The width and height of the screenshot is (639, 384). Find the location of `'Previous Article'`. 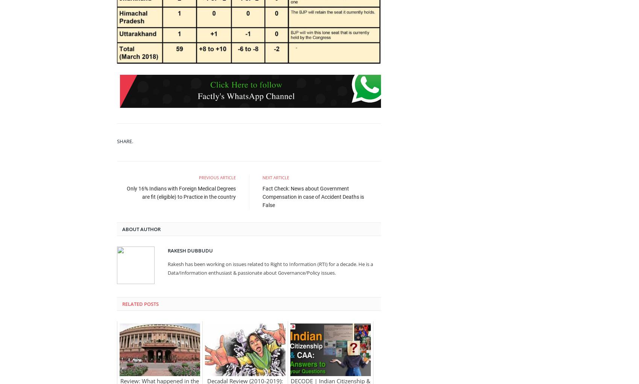

'Previous Article' is located at coordinates (217, 177).